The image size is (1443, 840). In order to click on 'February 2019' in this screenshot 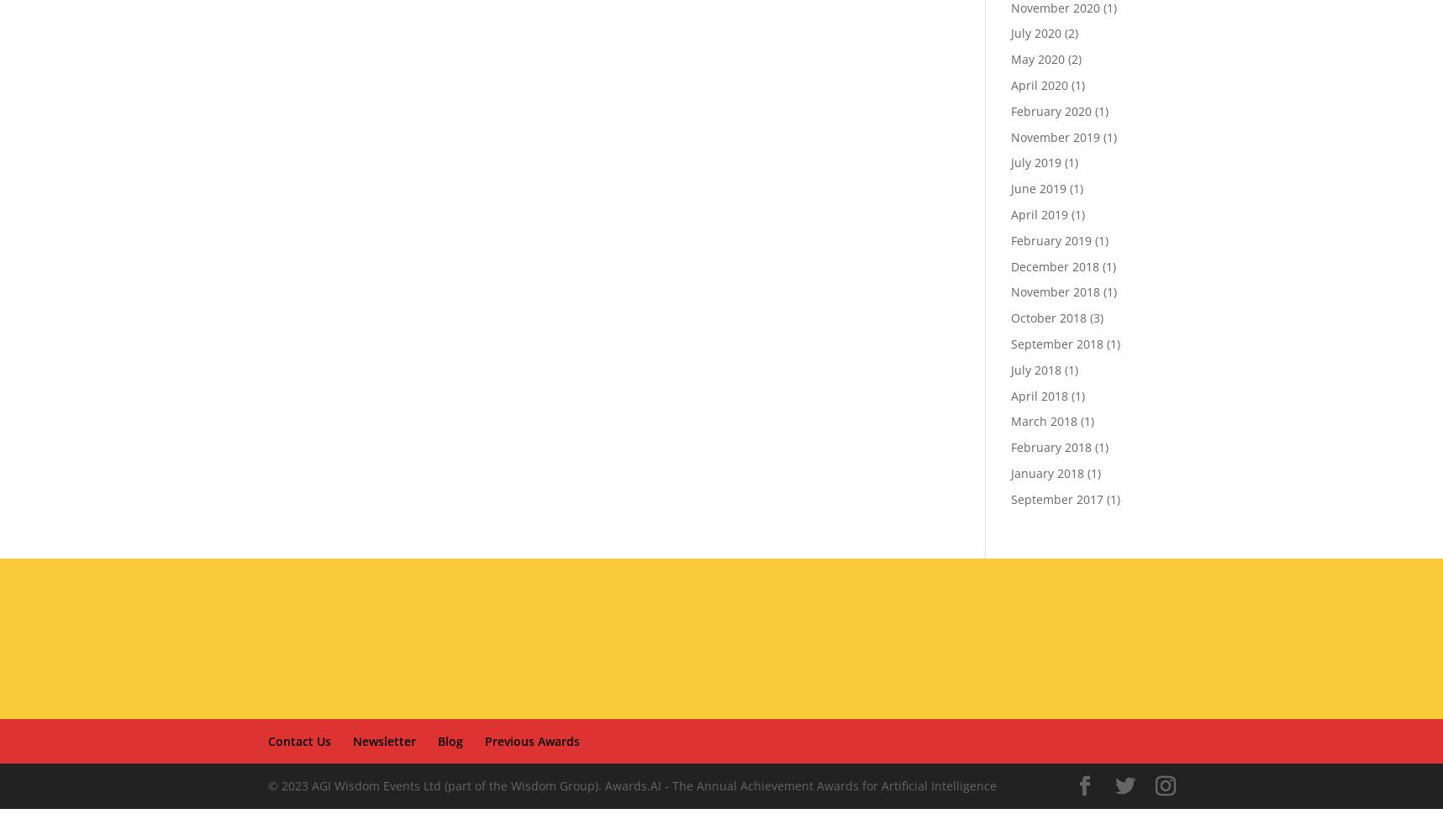, I will do `click(1051, 239)`.